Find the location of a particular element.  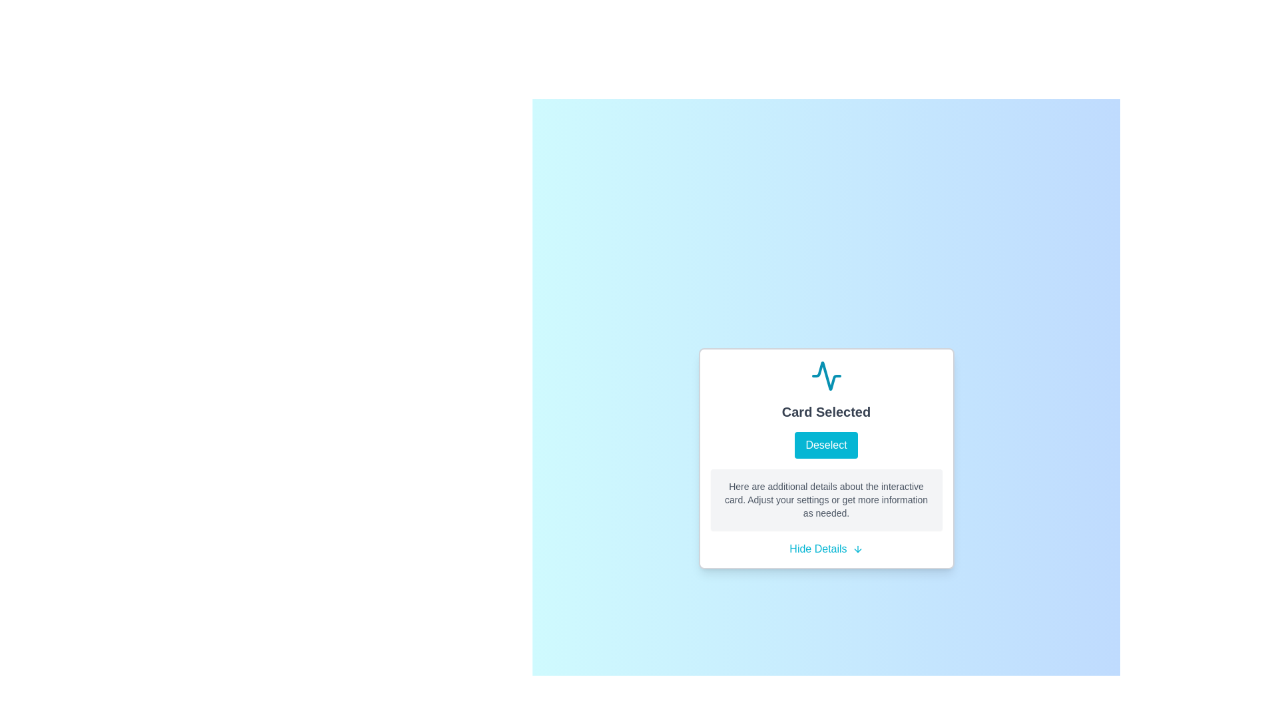

the bold, gray text element reading 'Card Selected', which is located above the blue 'Deselect' button and below a heartbeat icon in a white card-like area is located at coordinates (825, 411).